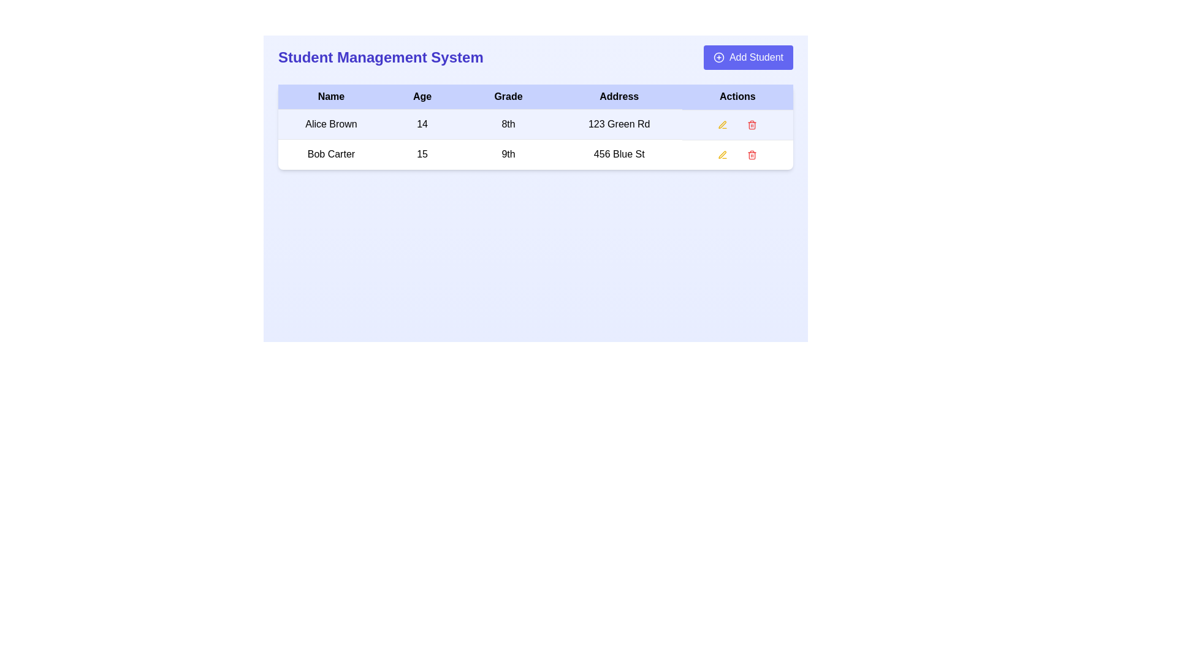 The height and width of the screenshot is (662, 1177). I want to click on the static text label displaying 'Alice Brown', located in the first cell of the first row under the 'Name' column in the table, so click(331, 124).